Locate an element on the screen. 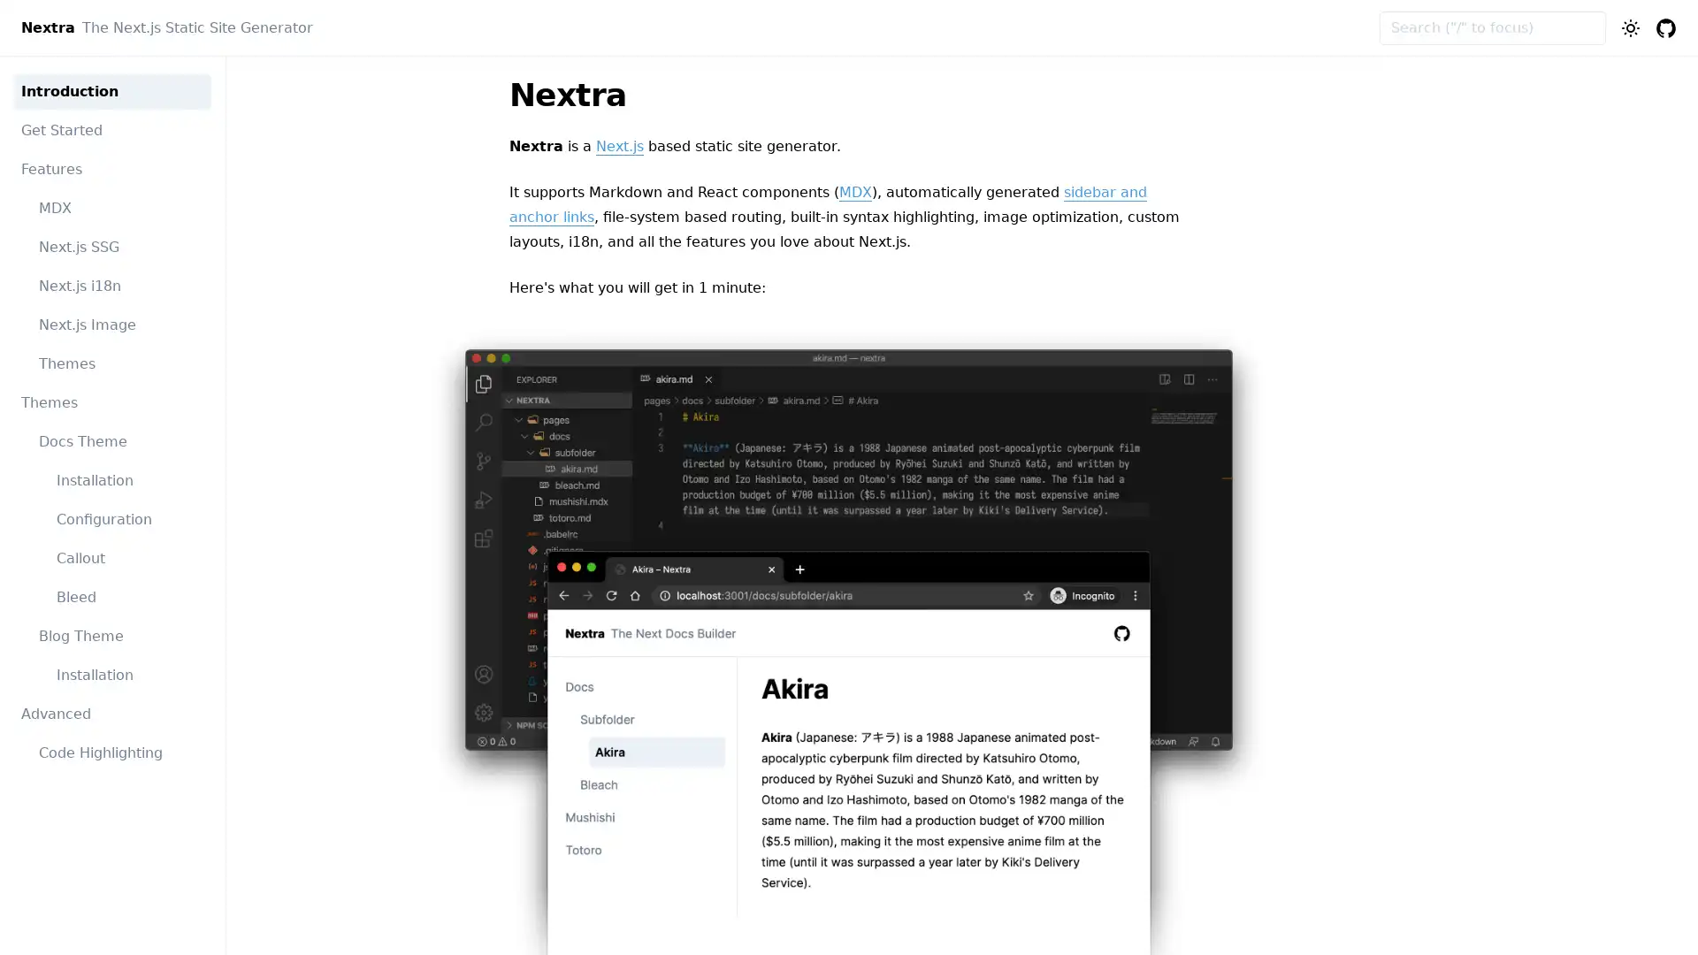 This screenshot has width=1698, height=955. Features is located at coordinates (111, 170).